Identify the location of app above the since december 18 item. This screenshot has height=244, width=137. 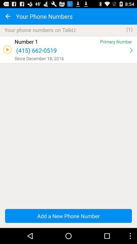
(131, 50).